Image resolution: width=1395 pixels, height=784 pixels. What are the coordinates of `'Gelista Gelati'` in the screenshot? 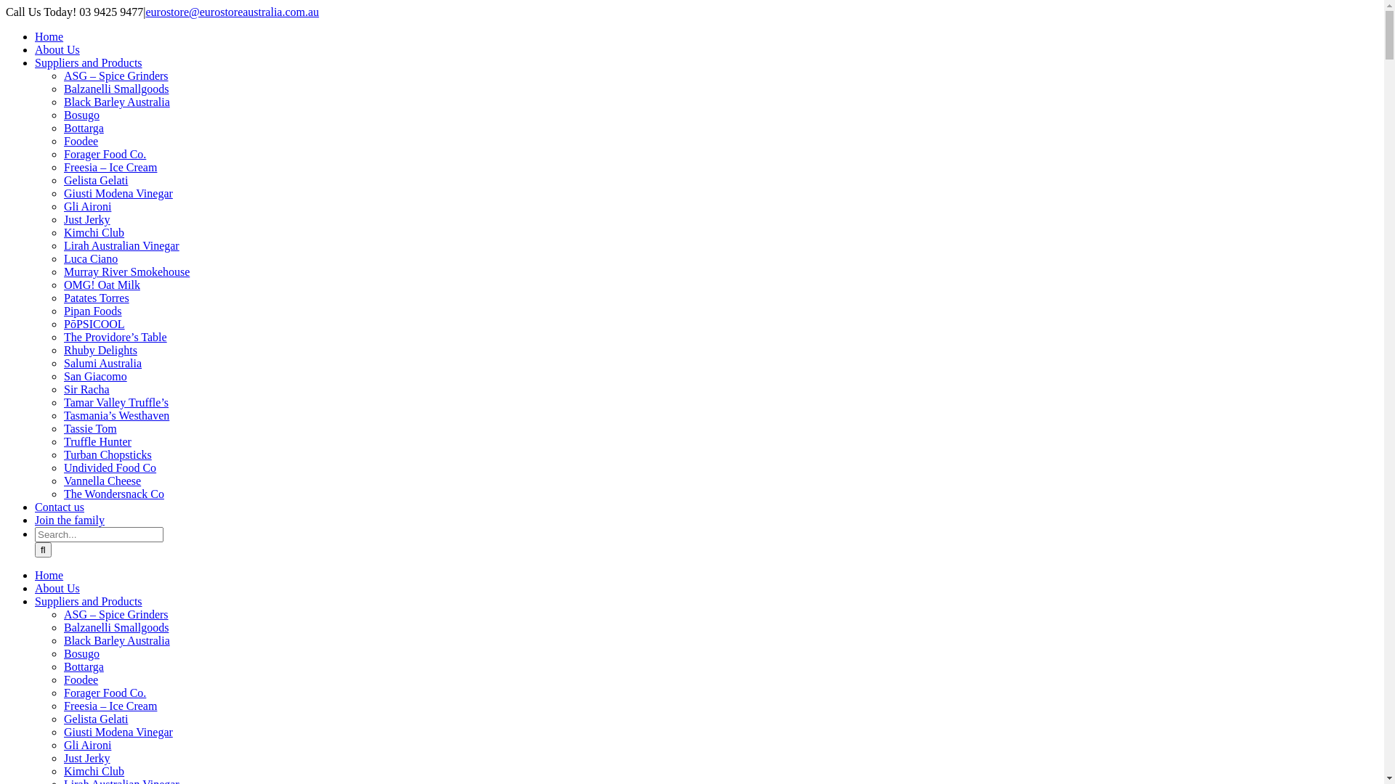 It's located at (94, 719).